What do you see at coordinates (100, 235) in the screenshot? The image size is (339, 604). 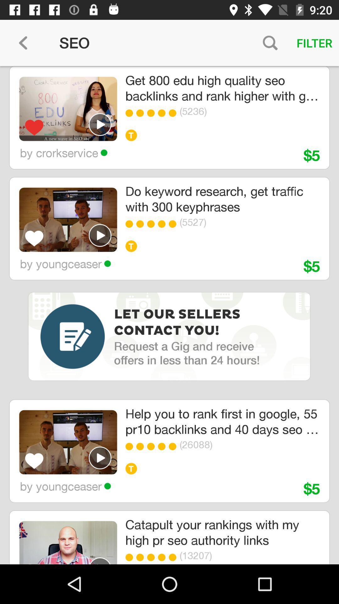 I see `video` at bounding box center [100, 235].